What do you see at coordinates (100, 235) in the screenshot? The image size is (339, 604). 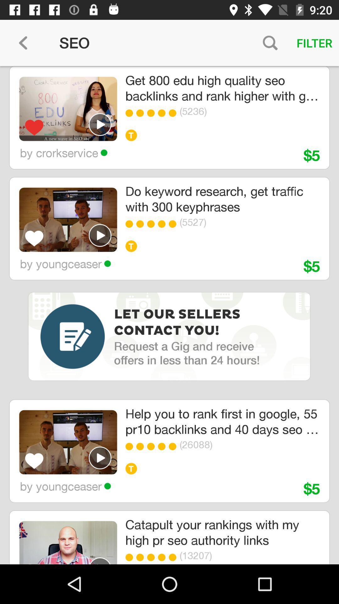 I see `video` at bounding box center [100, 235].